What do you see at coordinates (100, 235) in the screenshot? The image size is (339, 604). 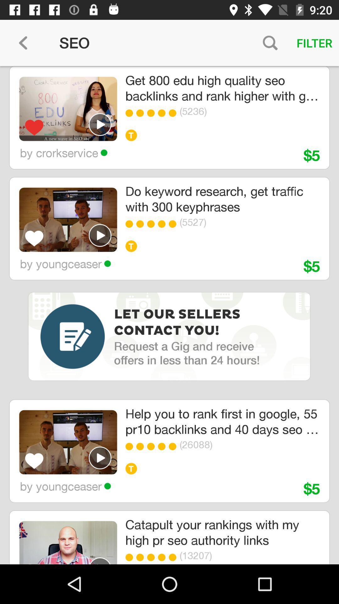 I see `video` at bounding box center [100, 235].